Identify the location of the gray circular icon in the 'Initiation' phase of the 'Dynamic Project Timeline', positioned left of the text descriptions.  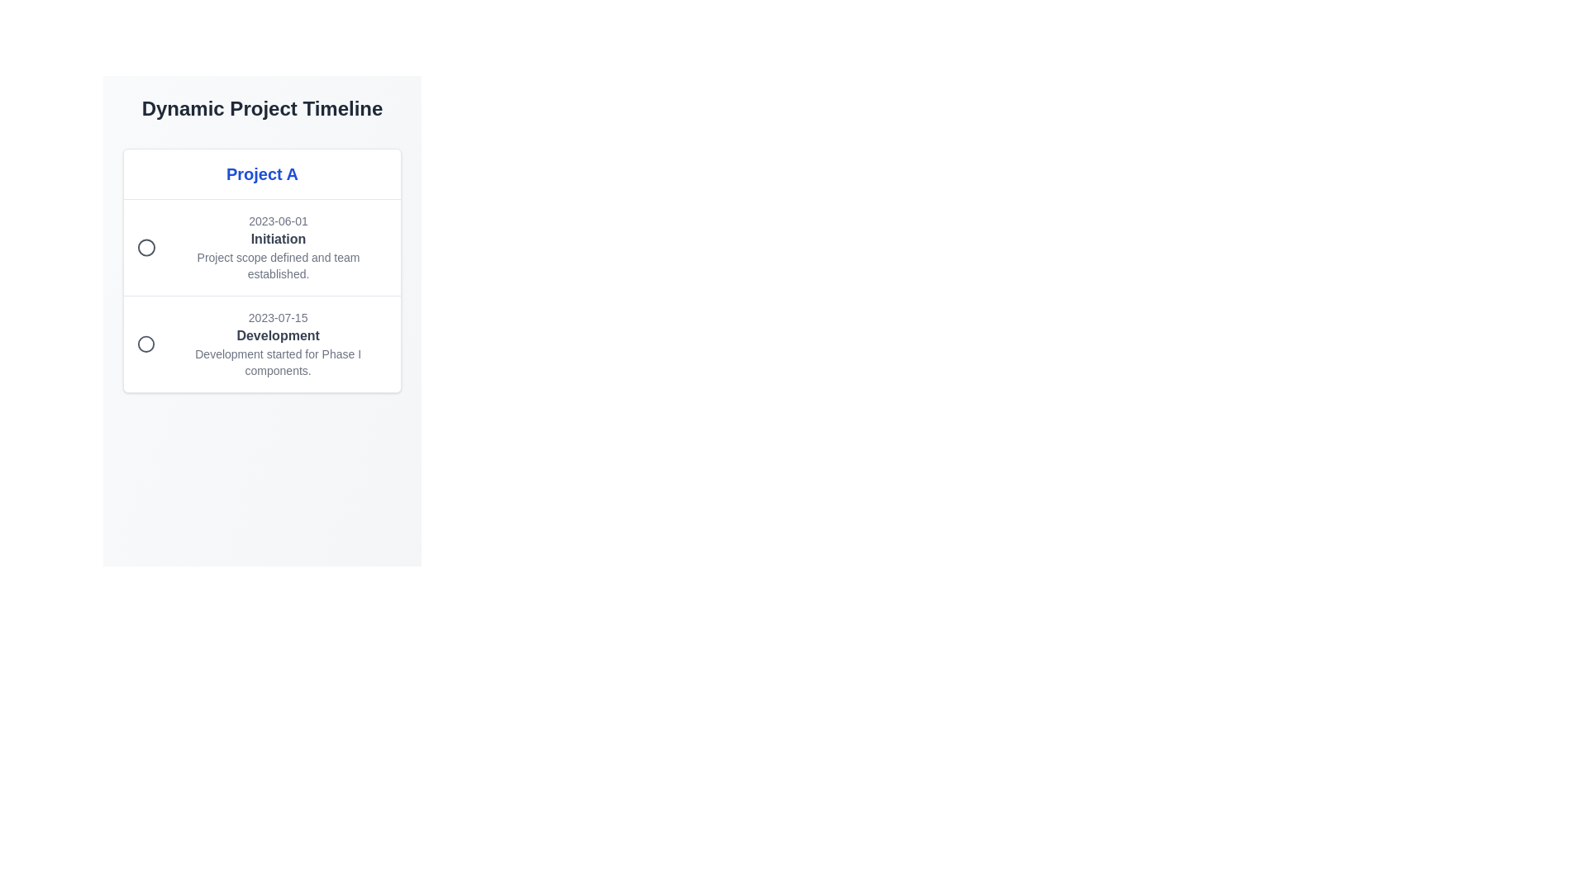
(146, 248).